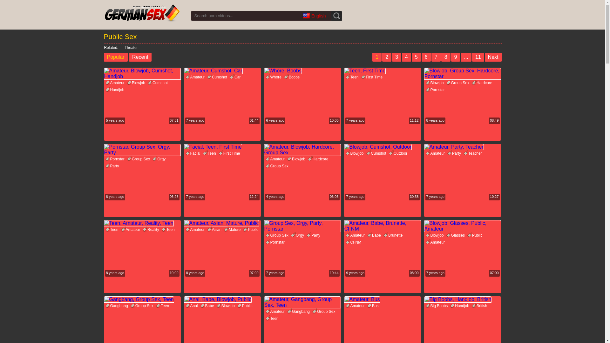  Describe the element at coordinates (292, 77) in the screenshot. I see `'Boobs'` at that location.